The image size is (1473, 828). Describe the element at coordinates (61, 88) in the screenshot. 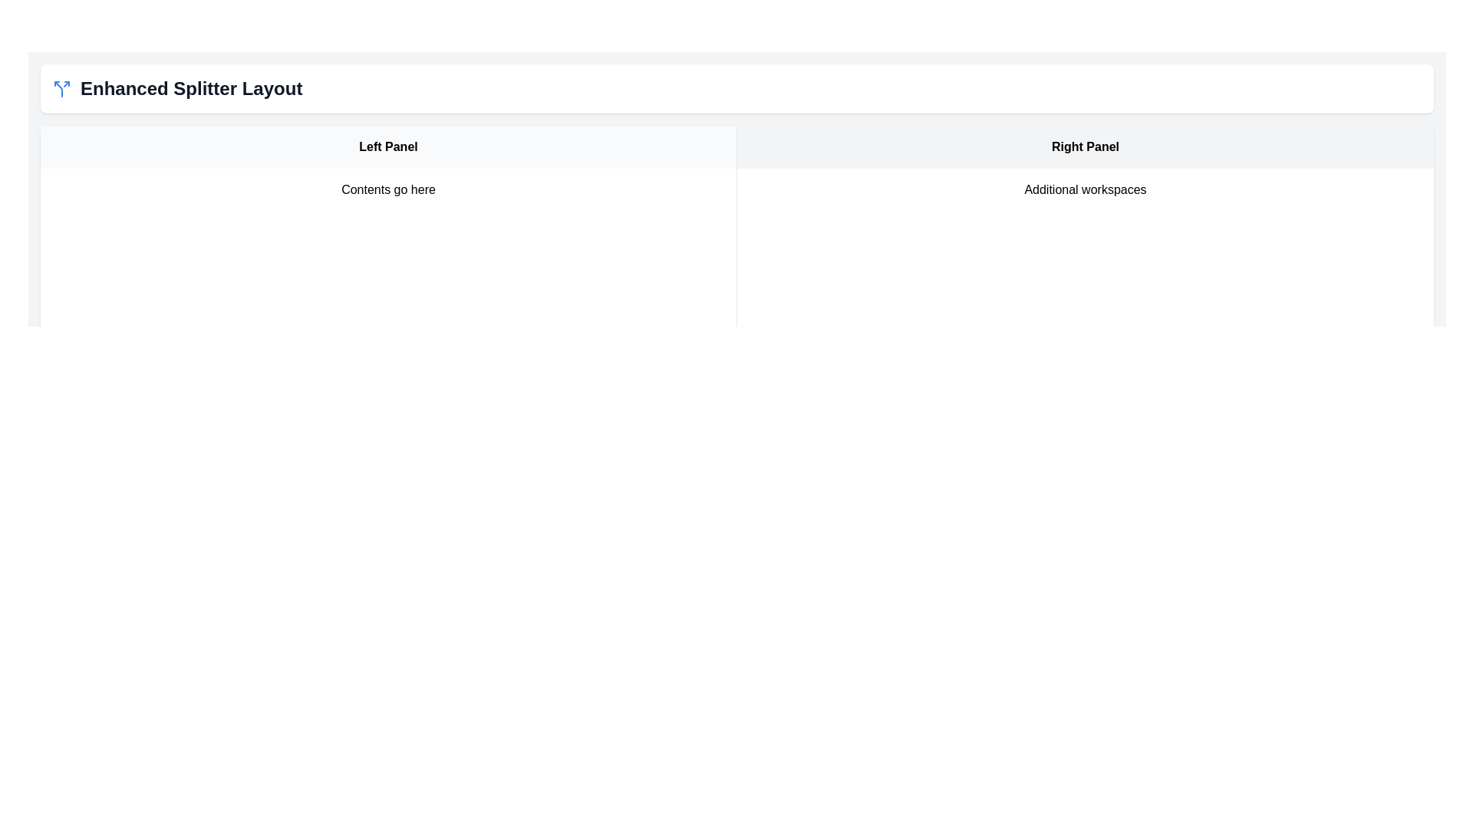

I see `the icon located at the leftmost side of the header bar titled 'Enhanced Splitter Layout'` at that location.